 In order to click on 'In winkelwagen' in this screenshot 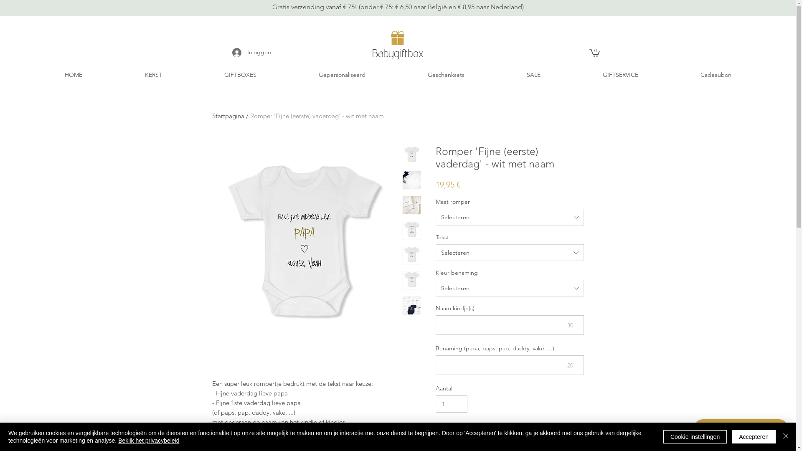, I will do `click(499, 434)`.